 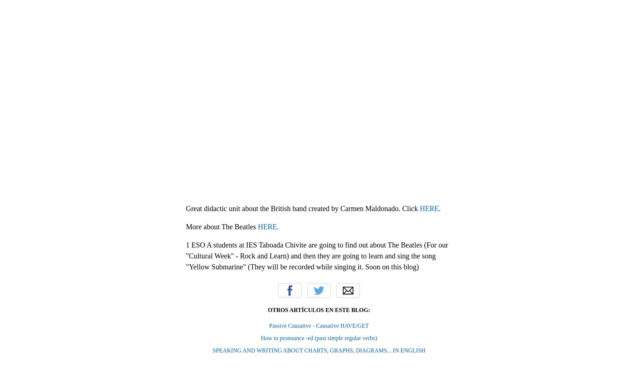 I want to click on 'More about The Beatles', so click(x=222, y=226).